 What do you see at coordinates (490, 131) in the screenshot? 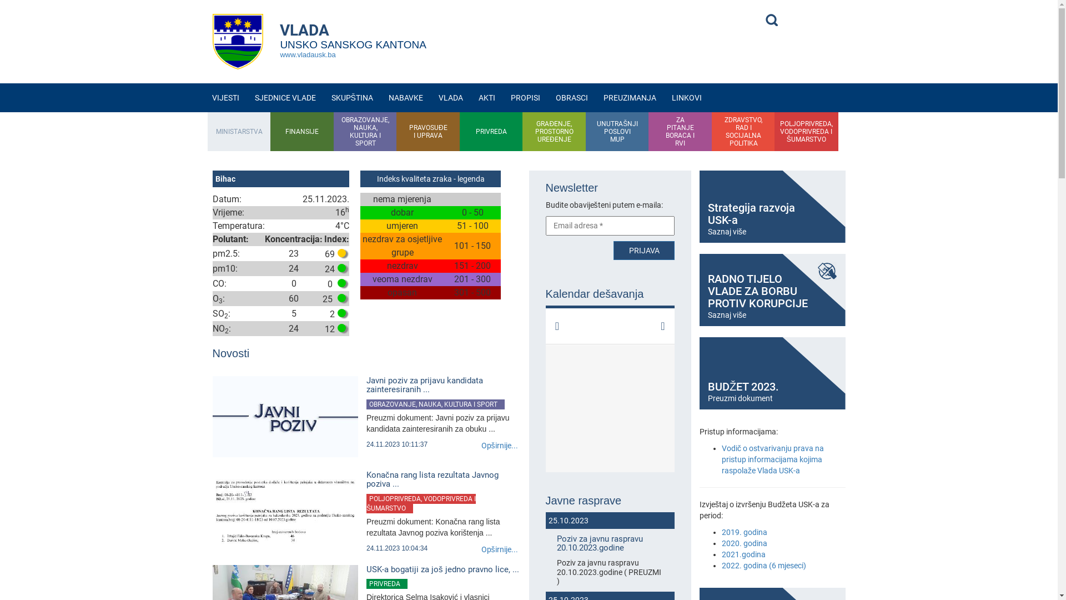
I see `'PRIVREDA'` at bounding box center [490, 131].